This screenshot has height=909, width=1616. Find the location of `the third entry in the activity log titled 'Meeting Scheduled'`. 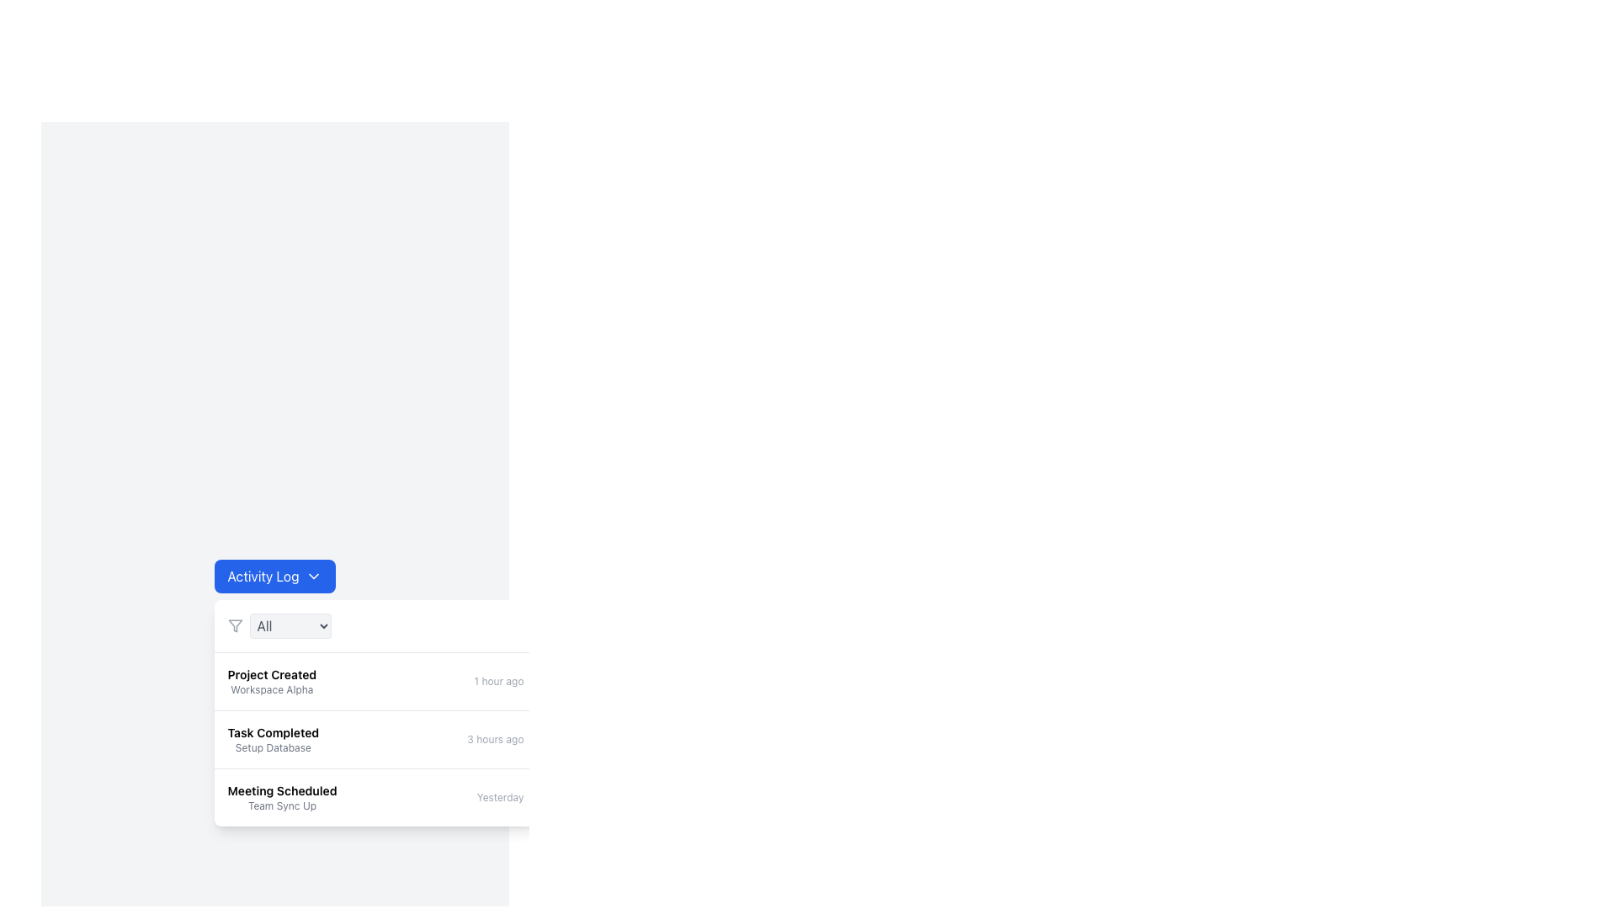

the third entry in the activity log titled 'Meeting Scheduled' is located at coordinates (282, 797).